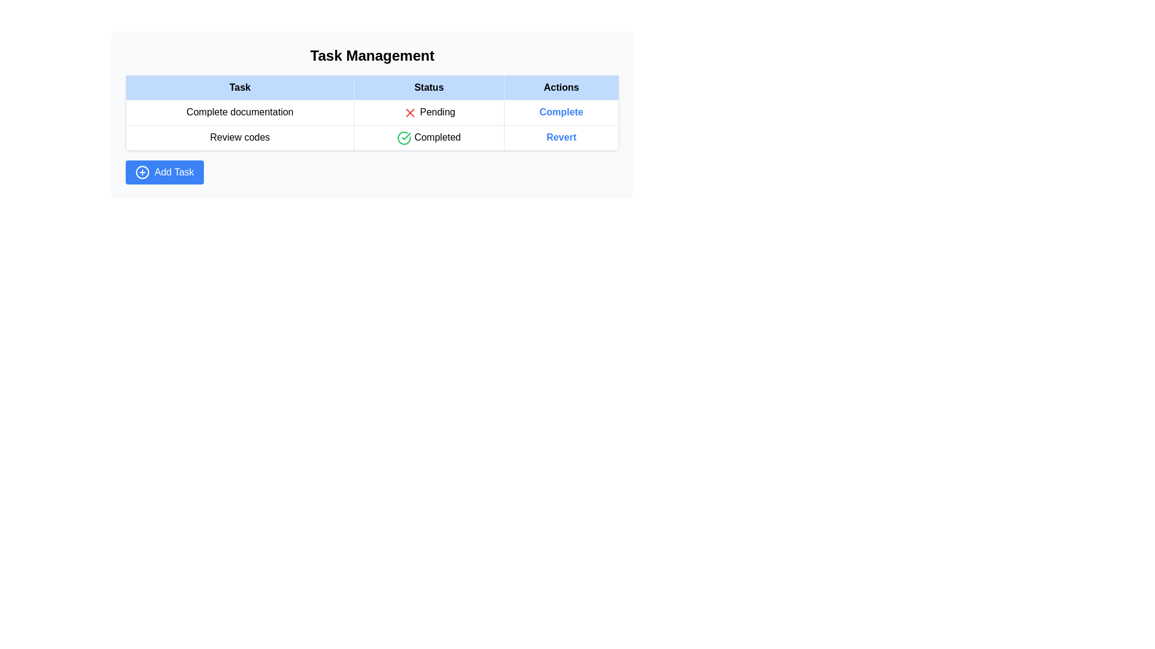  I want to click on the 'Revert' clickable text link in the 'Actions' column of the table for the task 'Review codes', so click(561, 137).